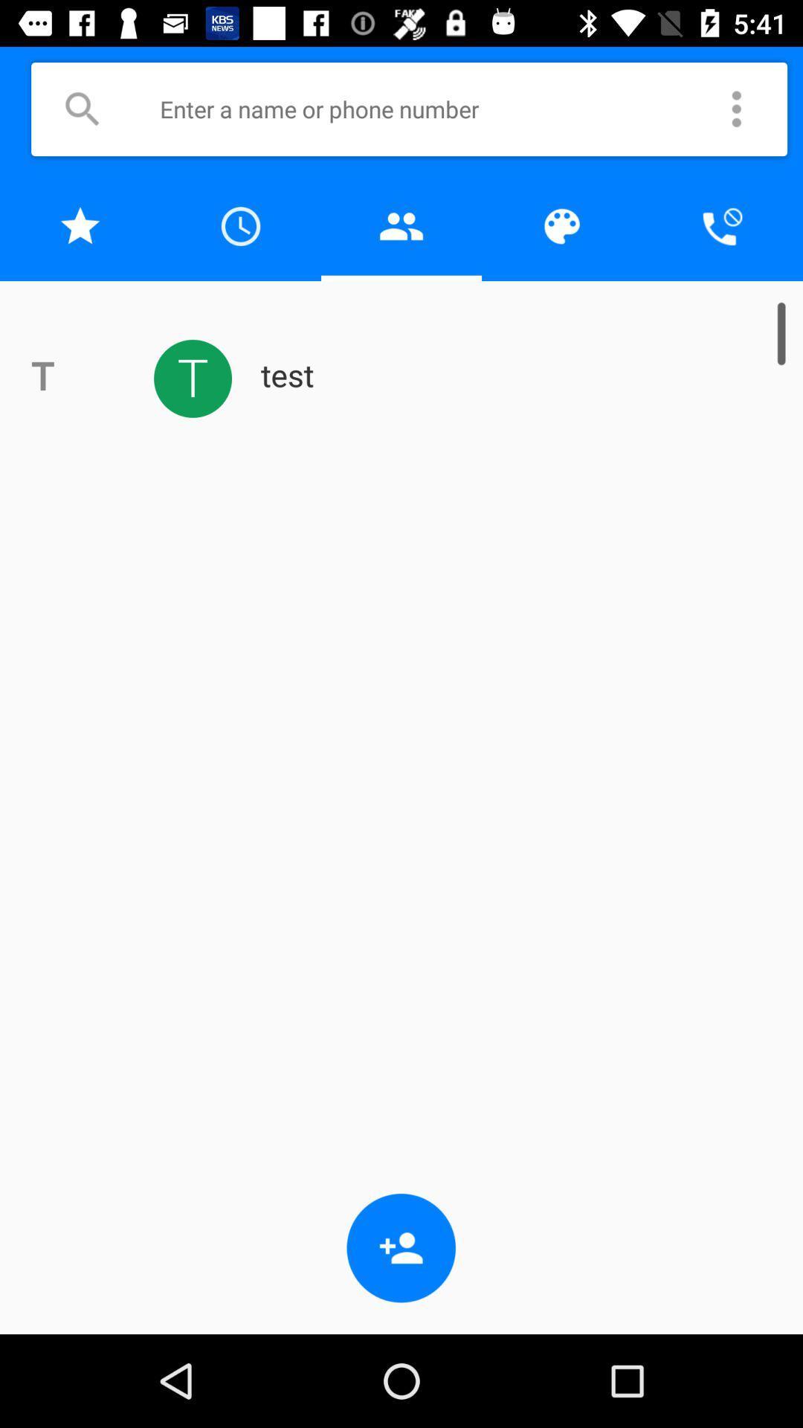 The image size is (803, 1428). Describe the element at coordinates (82, 109) in the screenshot. I see `shows search button` at that location.